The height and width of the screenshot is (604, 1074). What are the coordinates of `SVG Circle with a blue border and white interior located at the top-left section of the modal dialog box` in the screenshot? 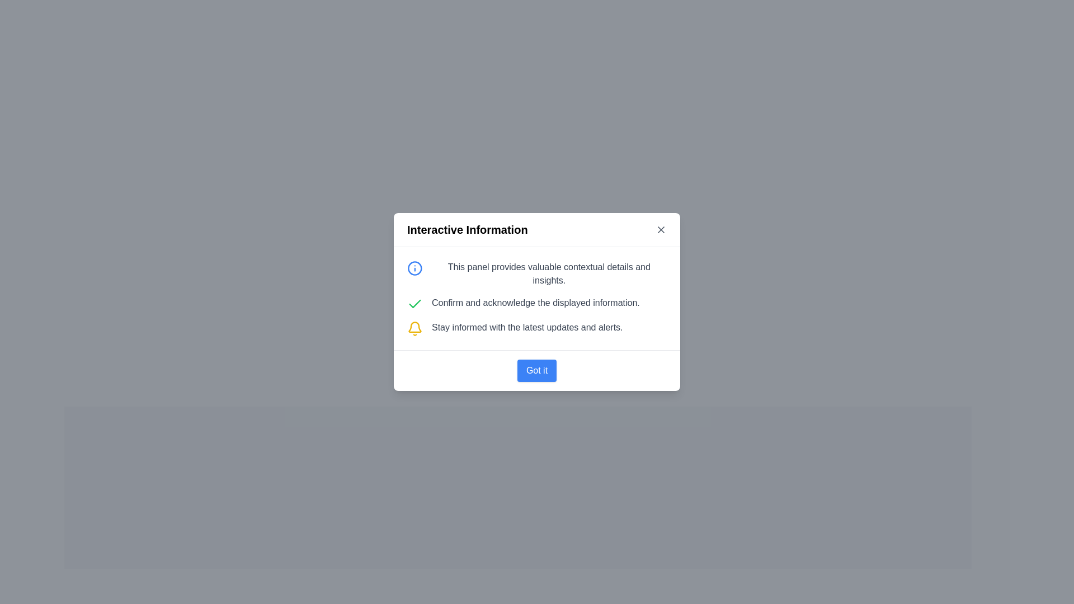 It's located at (414, 268).